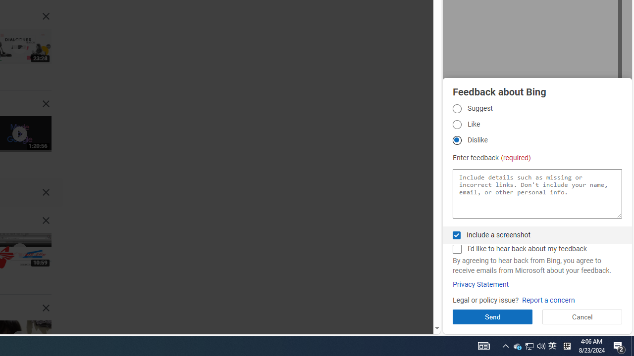 Image resolution: width=634 pixels, height=356 pixels. I want to click on 'AutomationID: fbpgdgtp2', so click(456, 124).